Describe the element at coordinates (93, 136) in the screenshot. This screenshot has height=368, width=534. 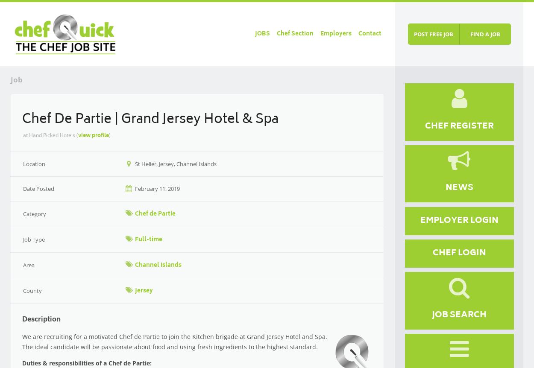
I see `'view profile'` at that location.